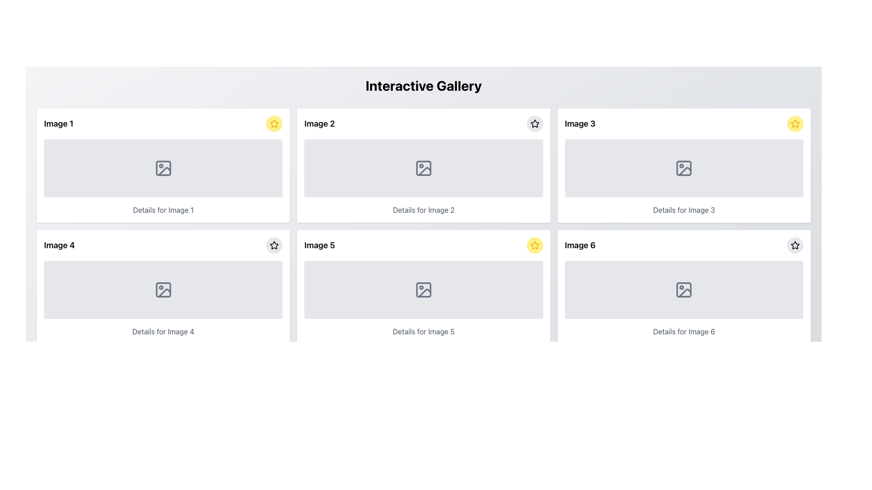 This screenshot has height=490, width=872. What do you see at coordinates (684, 287) in the screenshot?
I see `the Informative card titled 'Image 6' for rearrangement within the gallery grid` at bounding box center [684, 287].